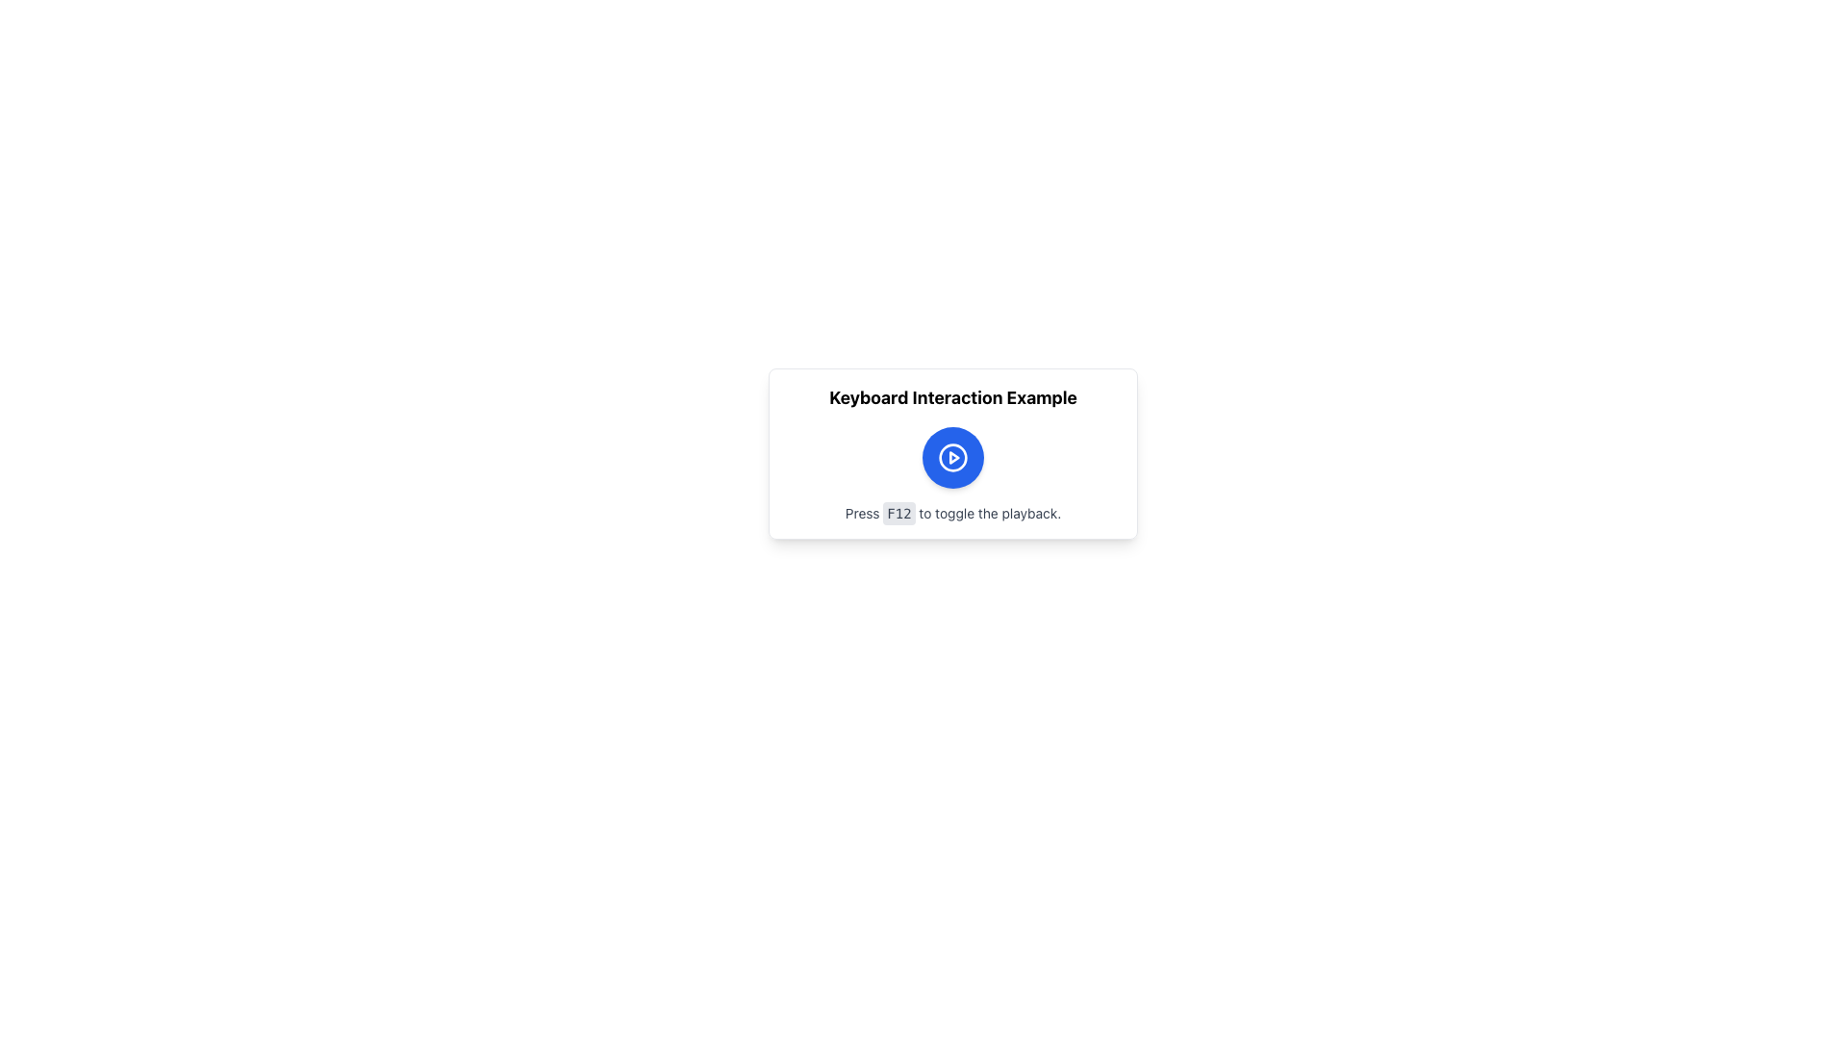 This screenshot has height=1039, width=1847. I want to click on the play icon button, which is a white triangle within a blue circular button, so click(952, 457).